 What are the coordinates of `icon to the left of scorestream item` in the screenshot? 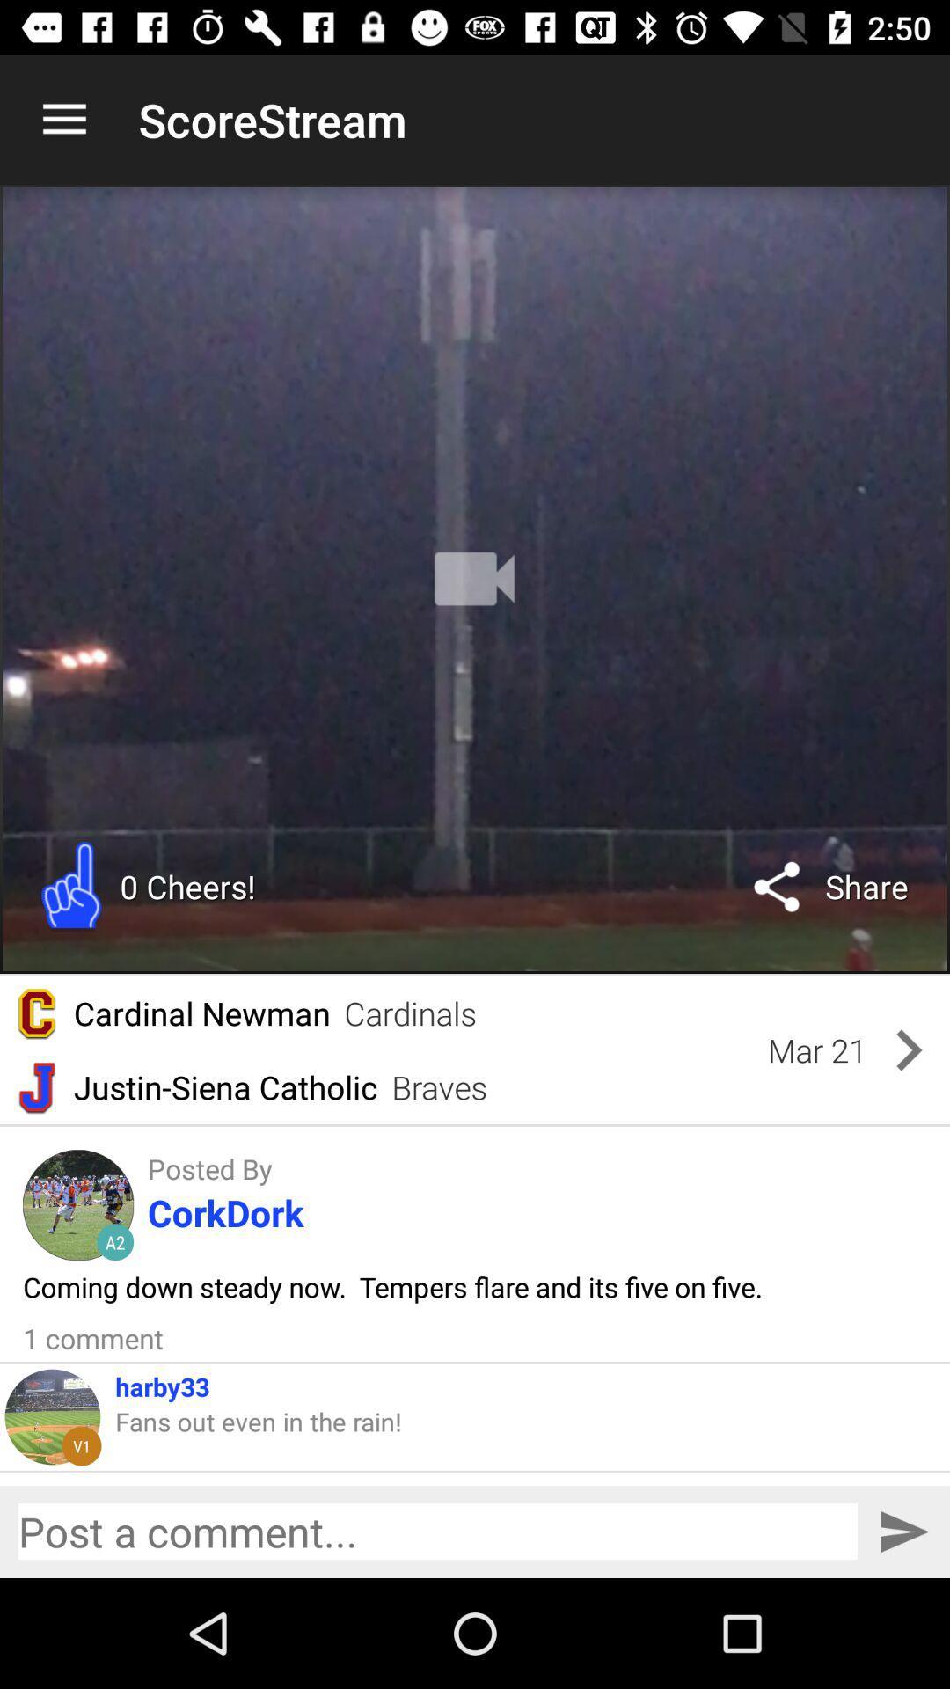 It's located at (63, 119).